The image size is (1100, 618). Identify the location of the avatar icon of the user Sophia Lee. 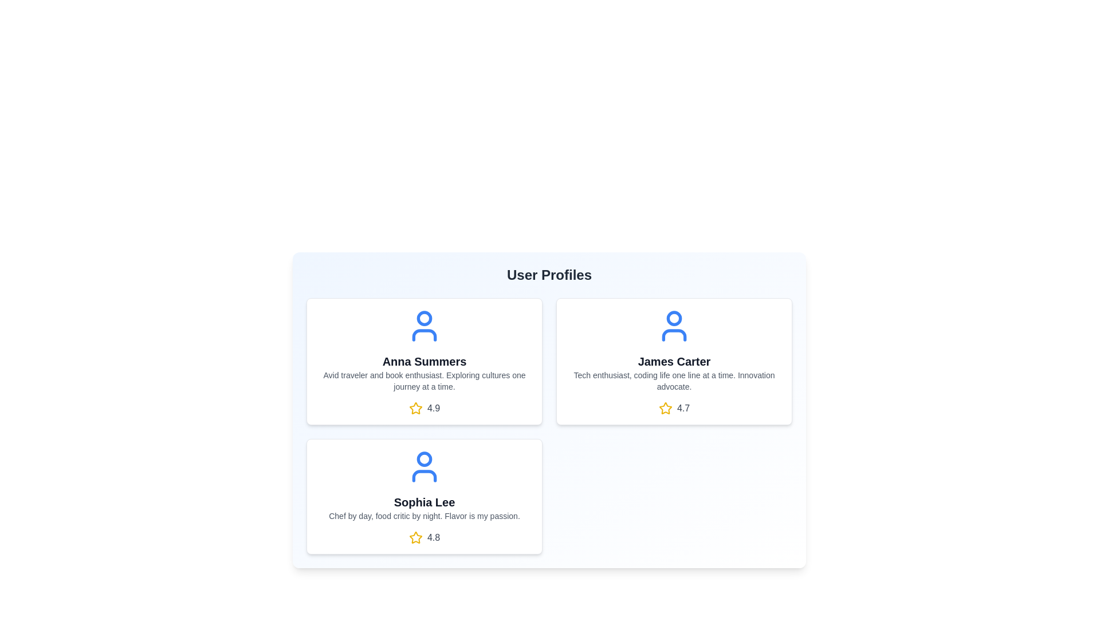
(423, 467).